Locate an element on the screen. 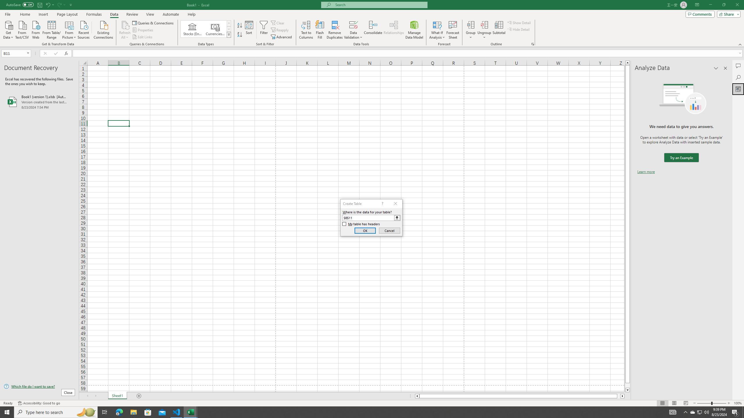  'Learn more' is located at coordinates (646, 171).